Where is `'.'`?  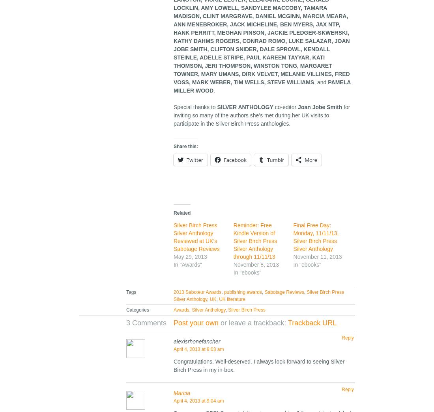 '.' is located at coordinates (214, 89).